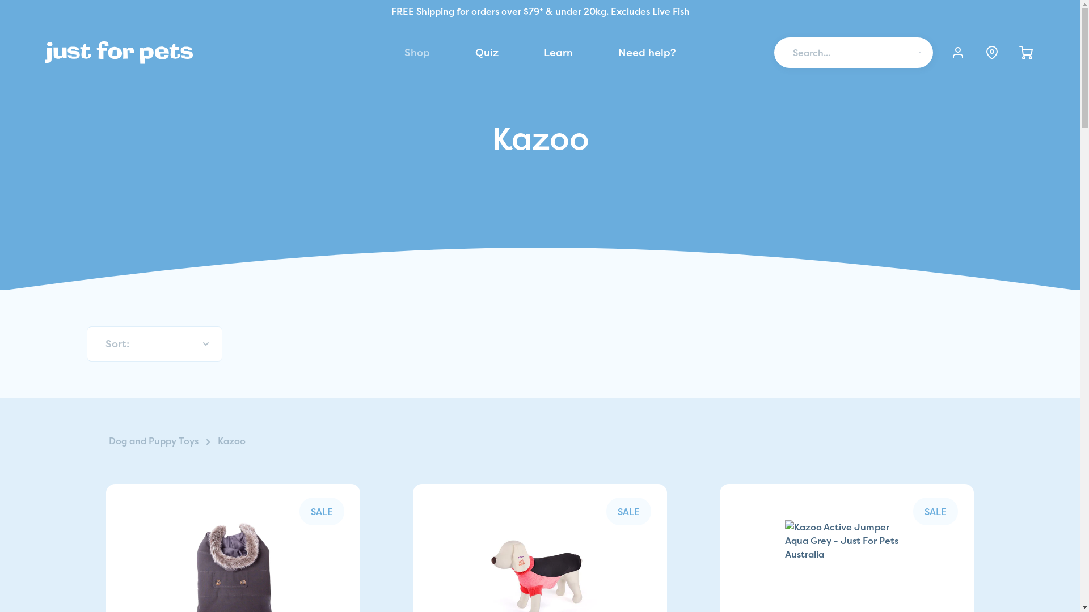  What do you see at coordinates (487, 52) in the screenshot?
I see `'Quiz'` at bounding box center [487, 52].